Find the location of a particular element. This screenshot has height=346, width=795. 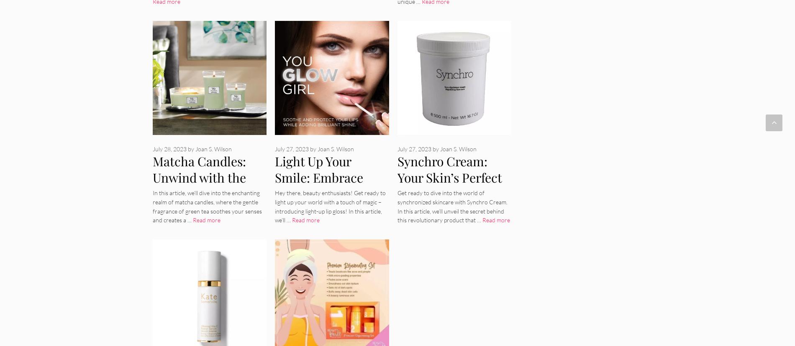

'July 28, 2023' is located at coordinates (169, 148).